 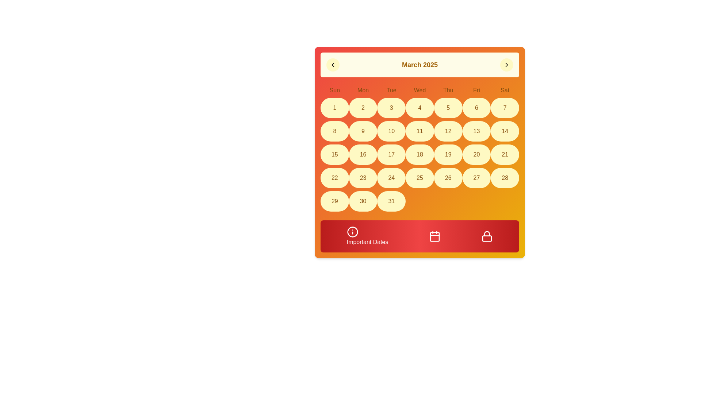 I want to click on the Text label indicating Wednesday in the weekly column headers of the calendar, located below the title 'March 2025', so click(x=420, y=90).